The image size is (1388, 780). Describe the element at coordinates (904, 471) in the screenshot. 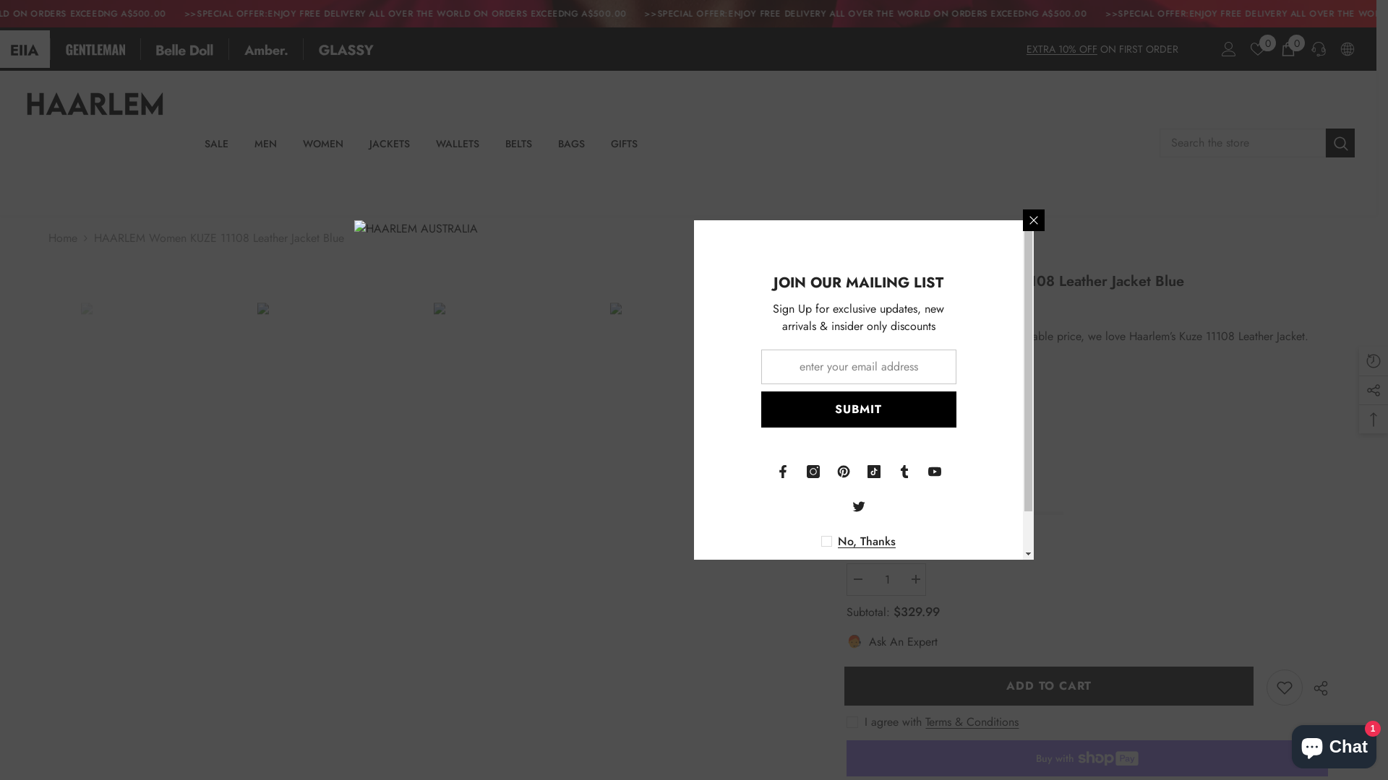

I see `'Tumblr'` at that location.